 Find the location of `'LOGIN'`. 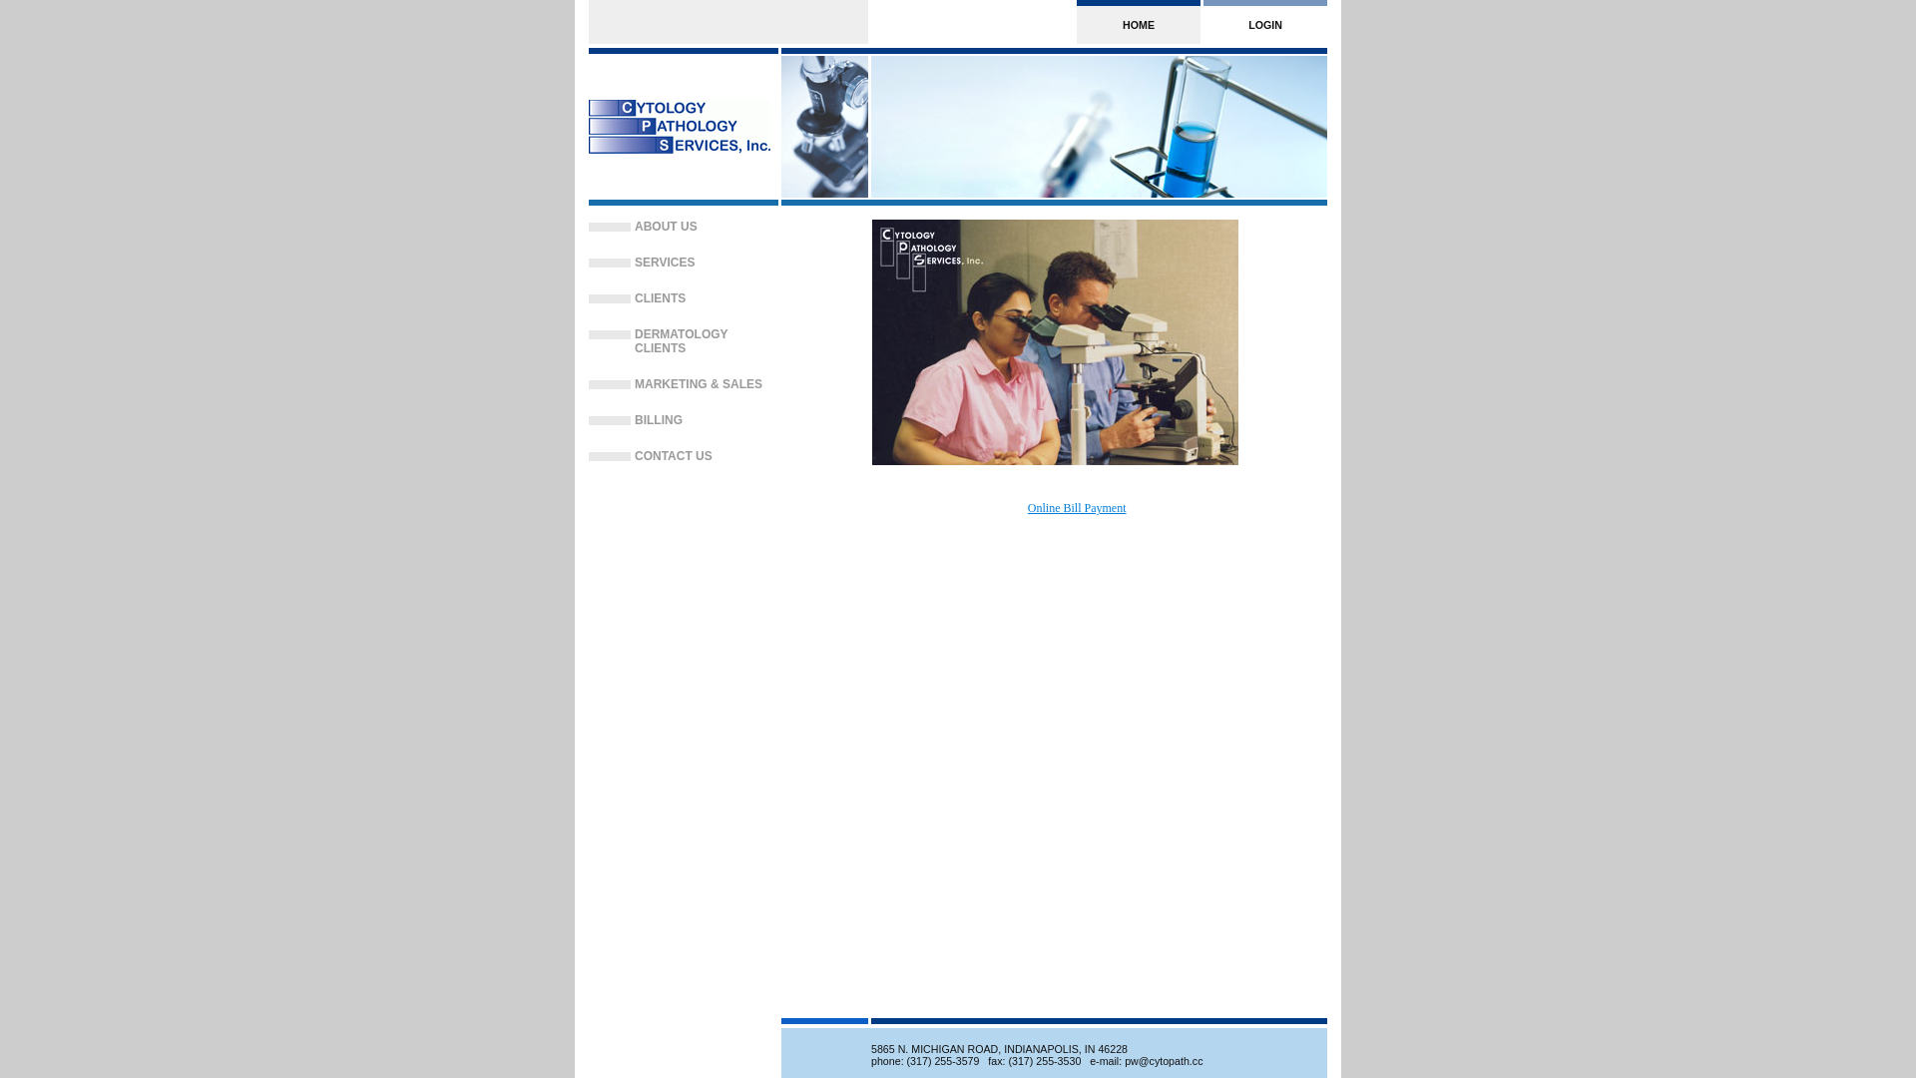

'LOGIN' is located at coordinates (1263, 22).